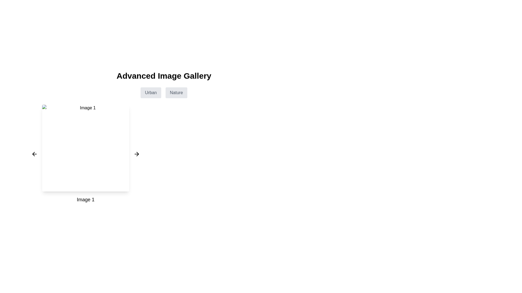 Image resolution: width=522 pixels, height=293 pixels. Describe the element at coordinates (34, 154) in the screenshot. I see `the leftward arrow button, which is styled in a minimalistic design with a thin black stroke` at that location.